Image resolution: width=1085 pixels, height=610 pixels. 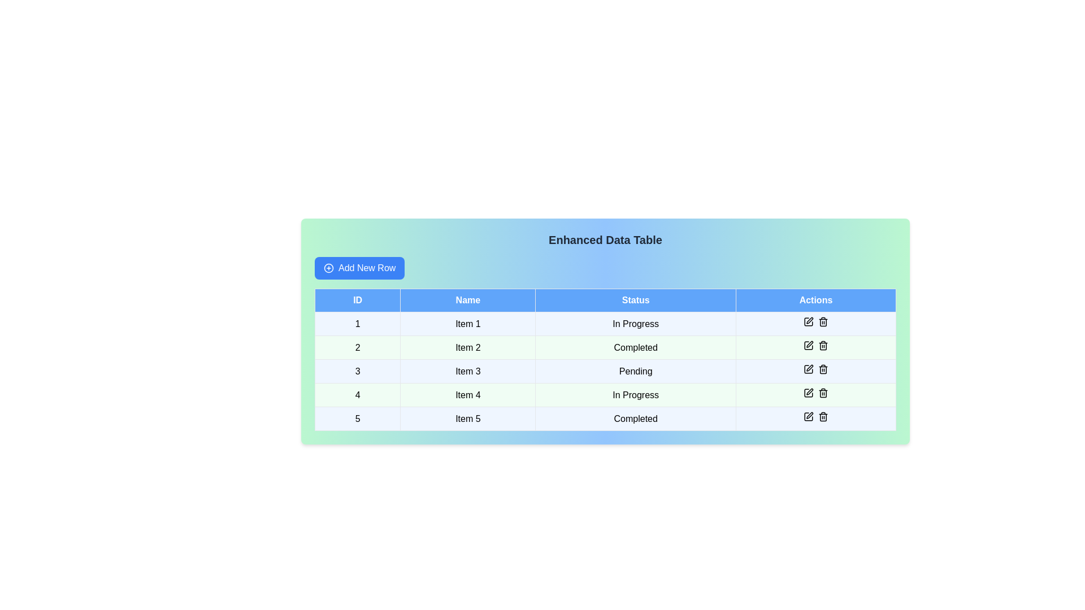 What do you see at coordinates (823, 417) in the screenshot?
I see `the delete action icon, which is the second icon in the 'Actions' column of the fifth row of the table` at bounding box center [823, 417].